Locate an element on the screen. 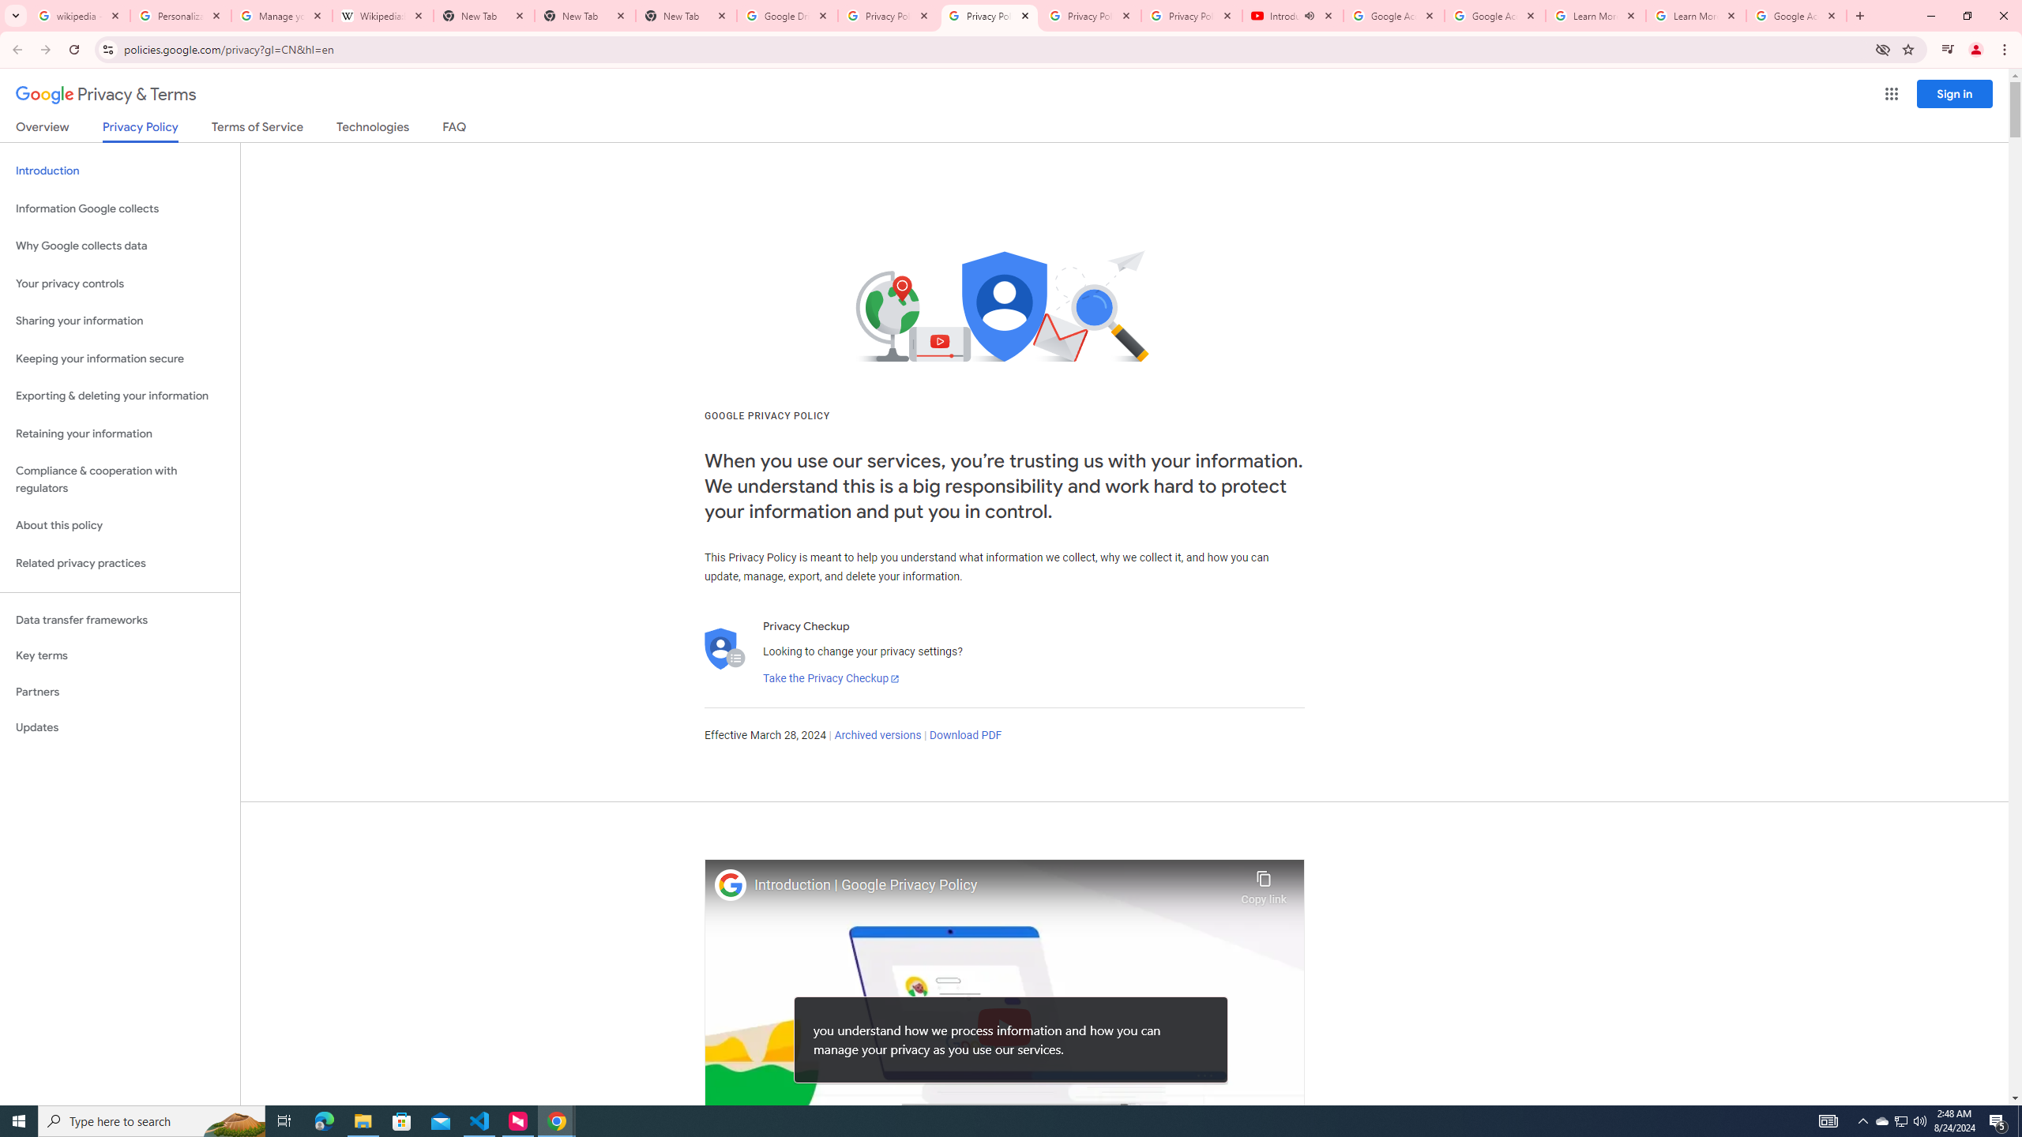 This screenshot has height=1137, width=2022. 'Sharing your information' is located at coordinates (119, 320).